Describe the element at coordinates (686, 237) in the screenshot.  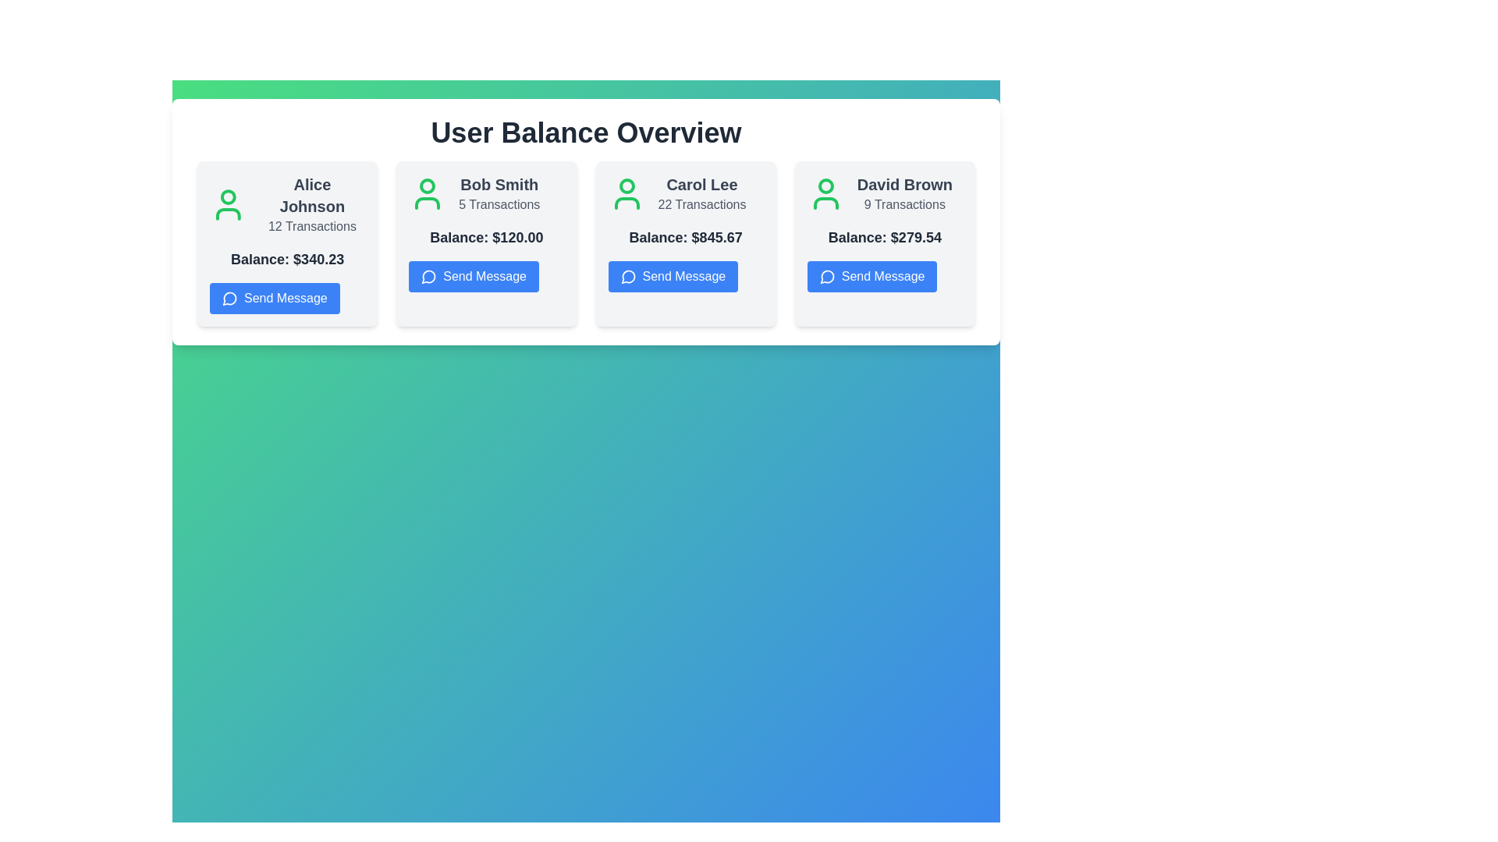
I see `the balance display text within the third user information card, which shows the current balance of the user and is positioned below the user's name and transaction count text` at that location.